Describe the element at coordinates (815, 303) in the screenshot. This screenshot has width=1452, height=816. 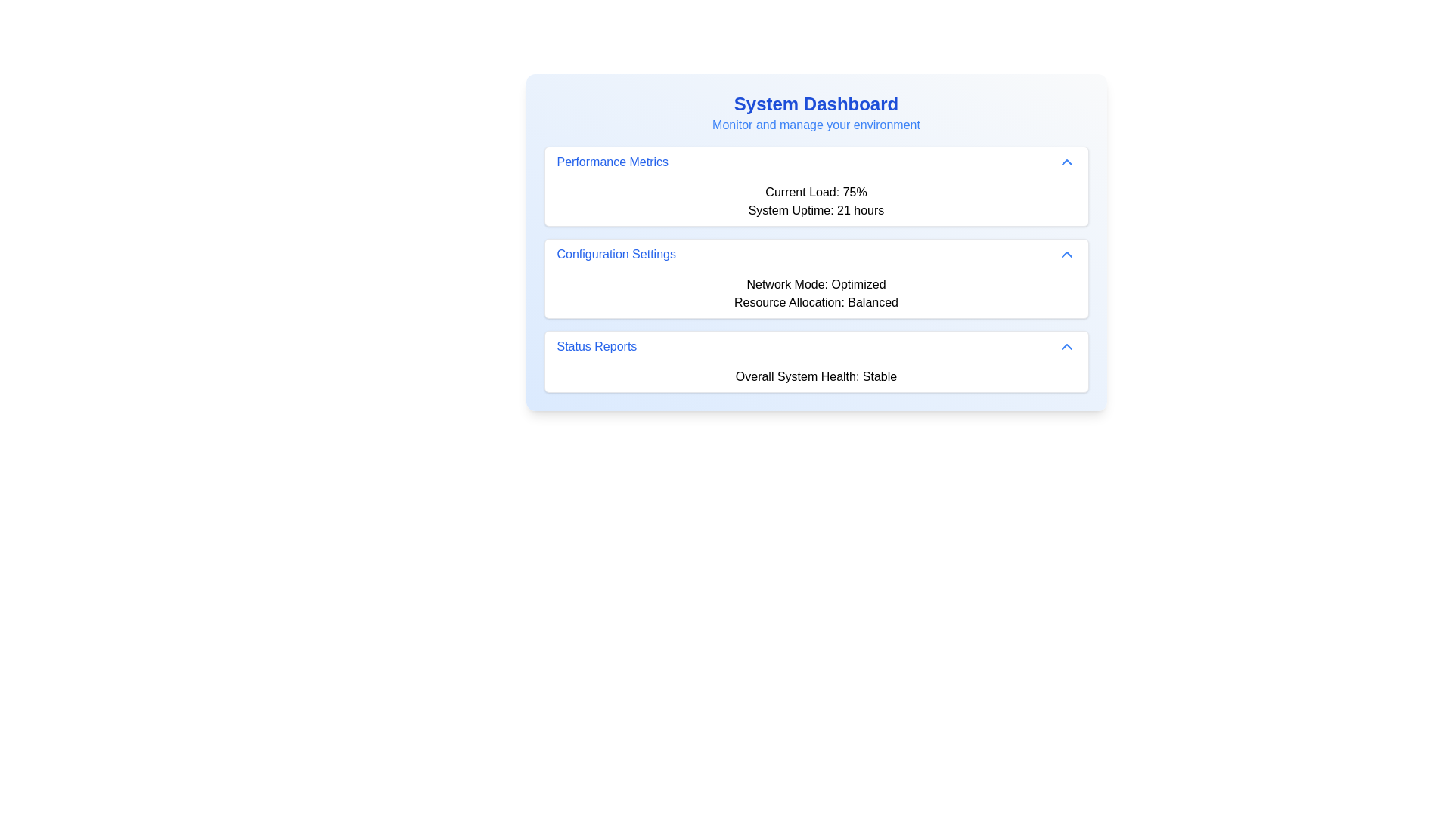
I see `the static text label displaying 'Resource Allocation: Balanced' within the 'Configuration Settings' card, which is located below 'Network Mode: Optimized'` at that location.